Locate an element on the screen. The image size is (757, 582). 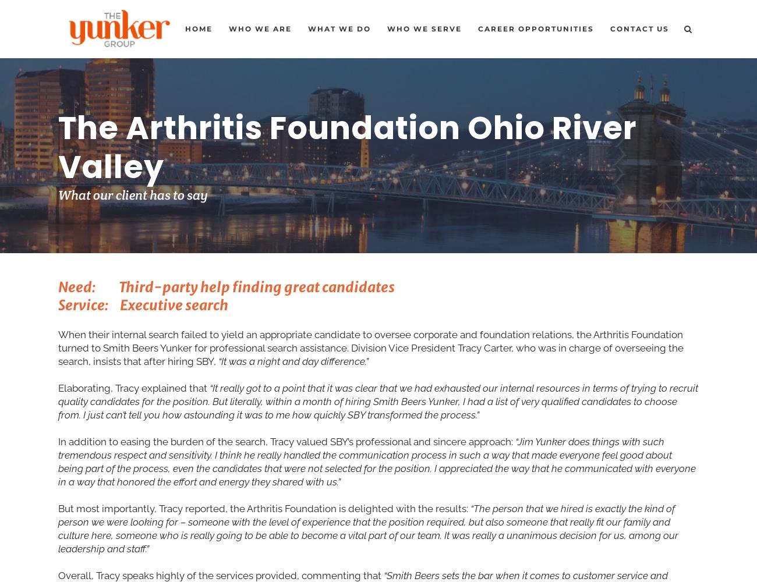
'“It really got to a point that it was clear that we had exhausted our internal resources in terms of trying to recruit quality candidates for the position. But literally, within a month of hiring Smith Beers Yunker, I had a list of very qualified candidates to choose from. I just can’t tell you how astounding it was to me how quickly SBY transformed the process.”' is located at coordinates (378, 400).